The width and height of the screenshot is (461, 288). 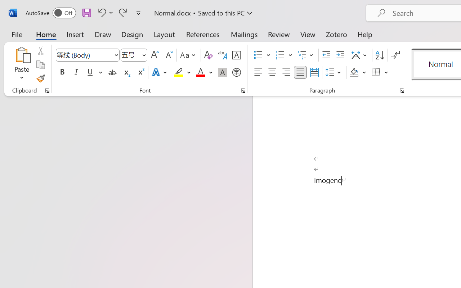 What do you see at coordinates (272, 72) in the screenshot?
I see `'Center'` at bounding box center [272, 72].